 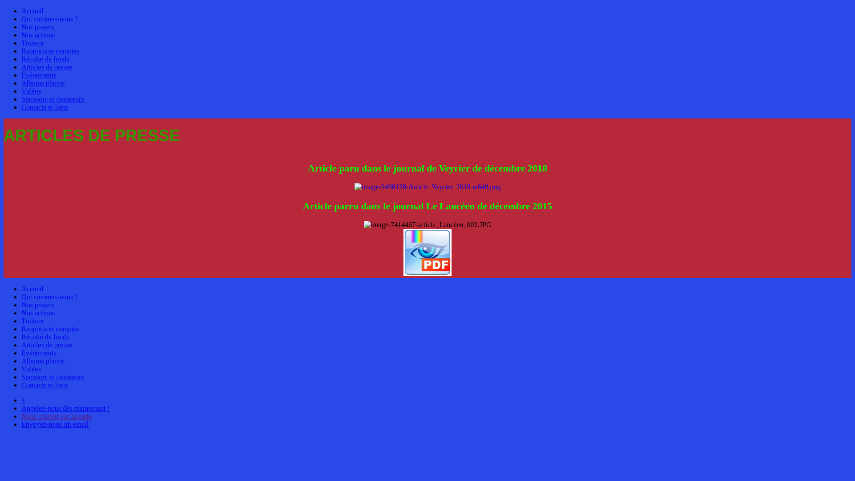 I want to click on 'Nos projets', so click(x=37, y=26).